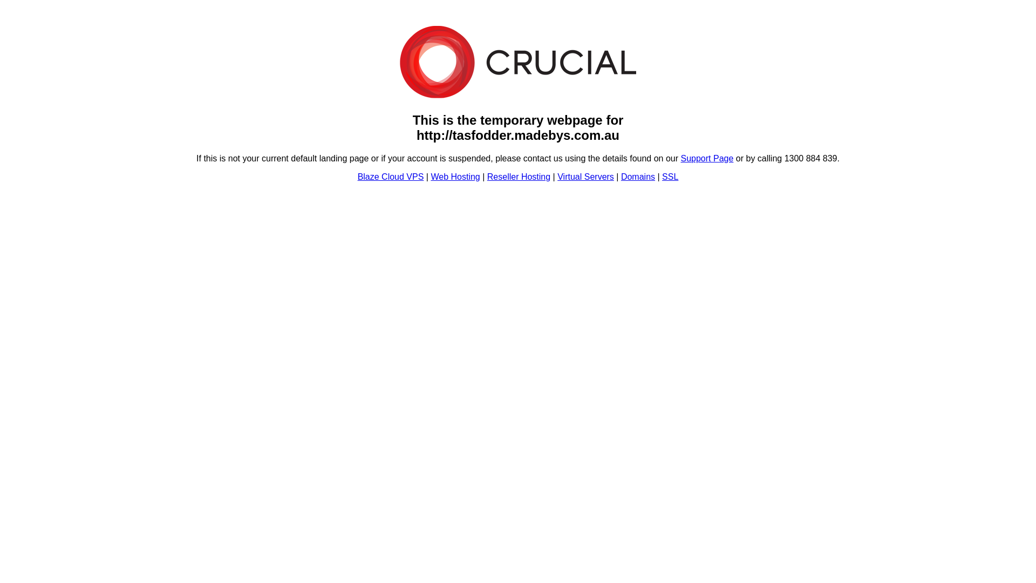 The height and width of the screenshot is (583, 1036). What do you see at coordinates (680, 158) in the screenshot?
I see `'Support Page'` at bounding box center [680, 158].